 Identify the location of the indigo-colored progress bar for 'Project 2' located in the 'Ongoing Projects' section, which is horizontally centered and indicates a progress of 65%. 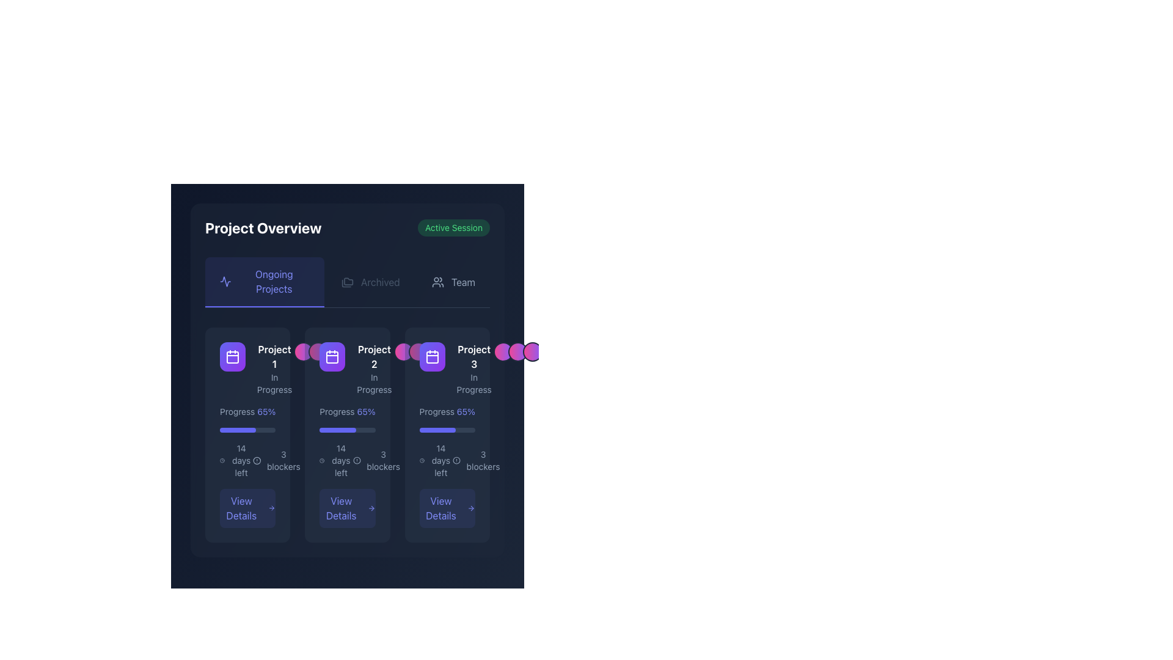
(238, 430).